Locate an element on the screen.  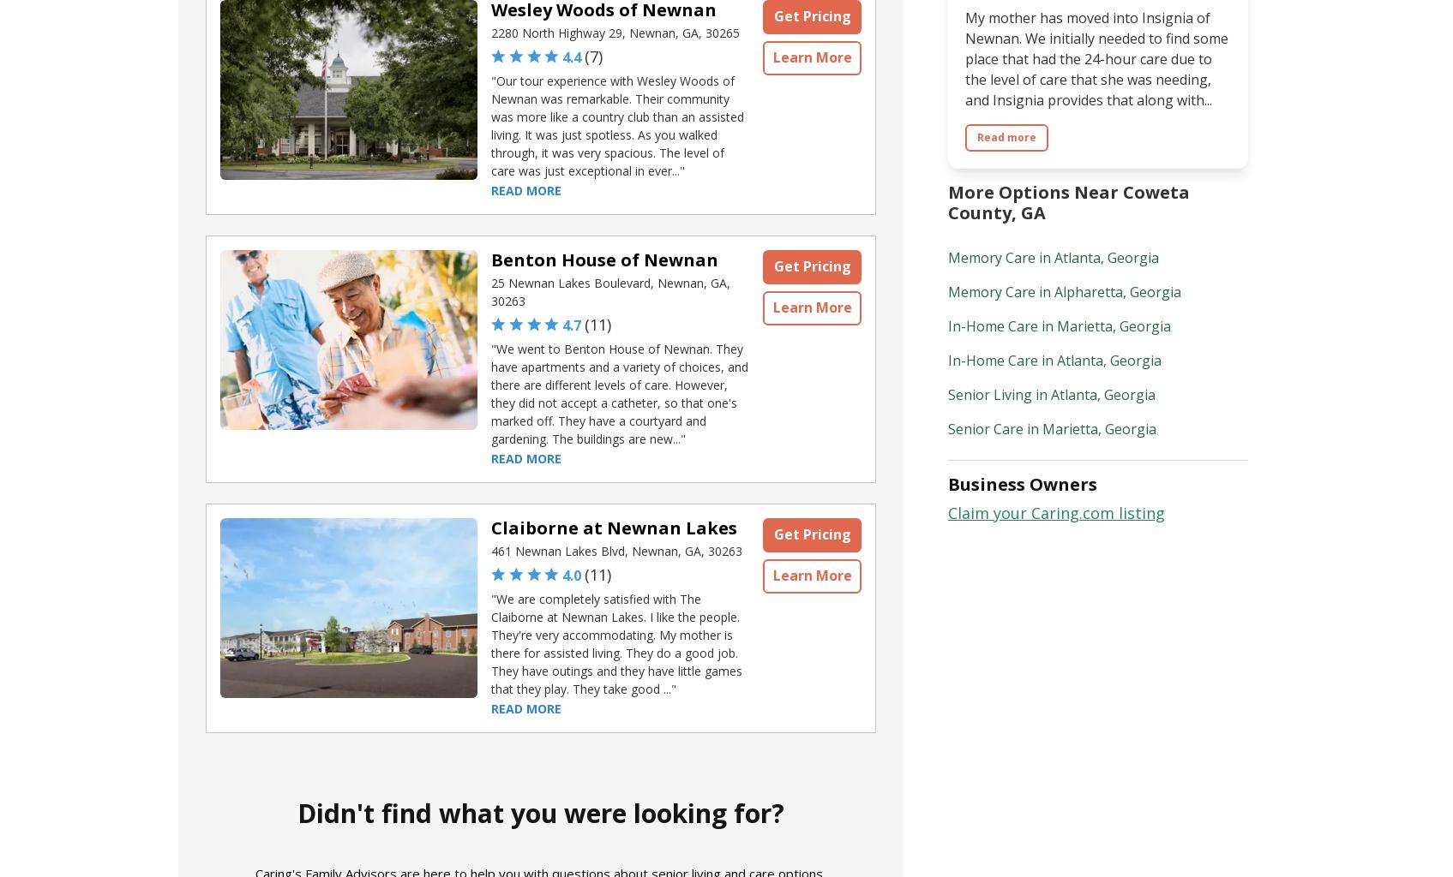
'4.4' is located at coordinates (570, 56).